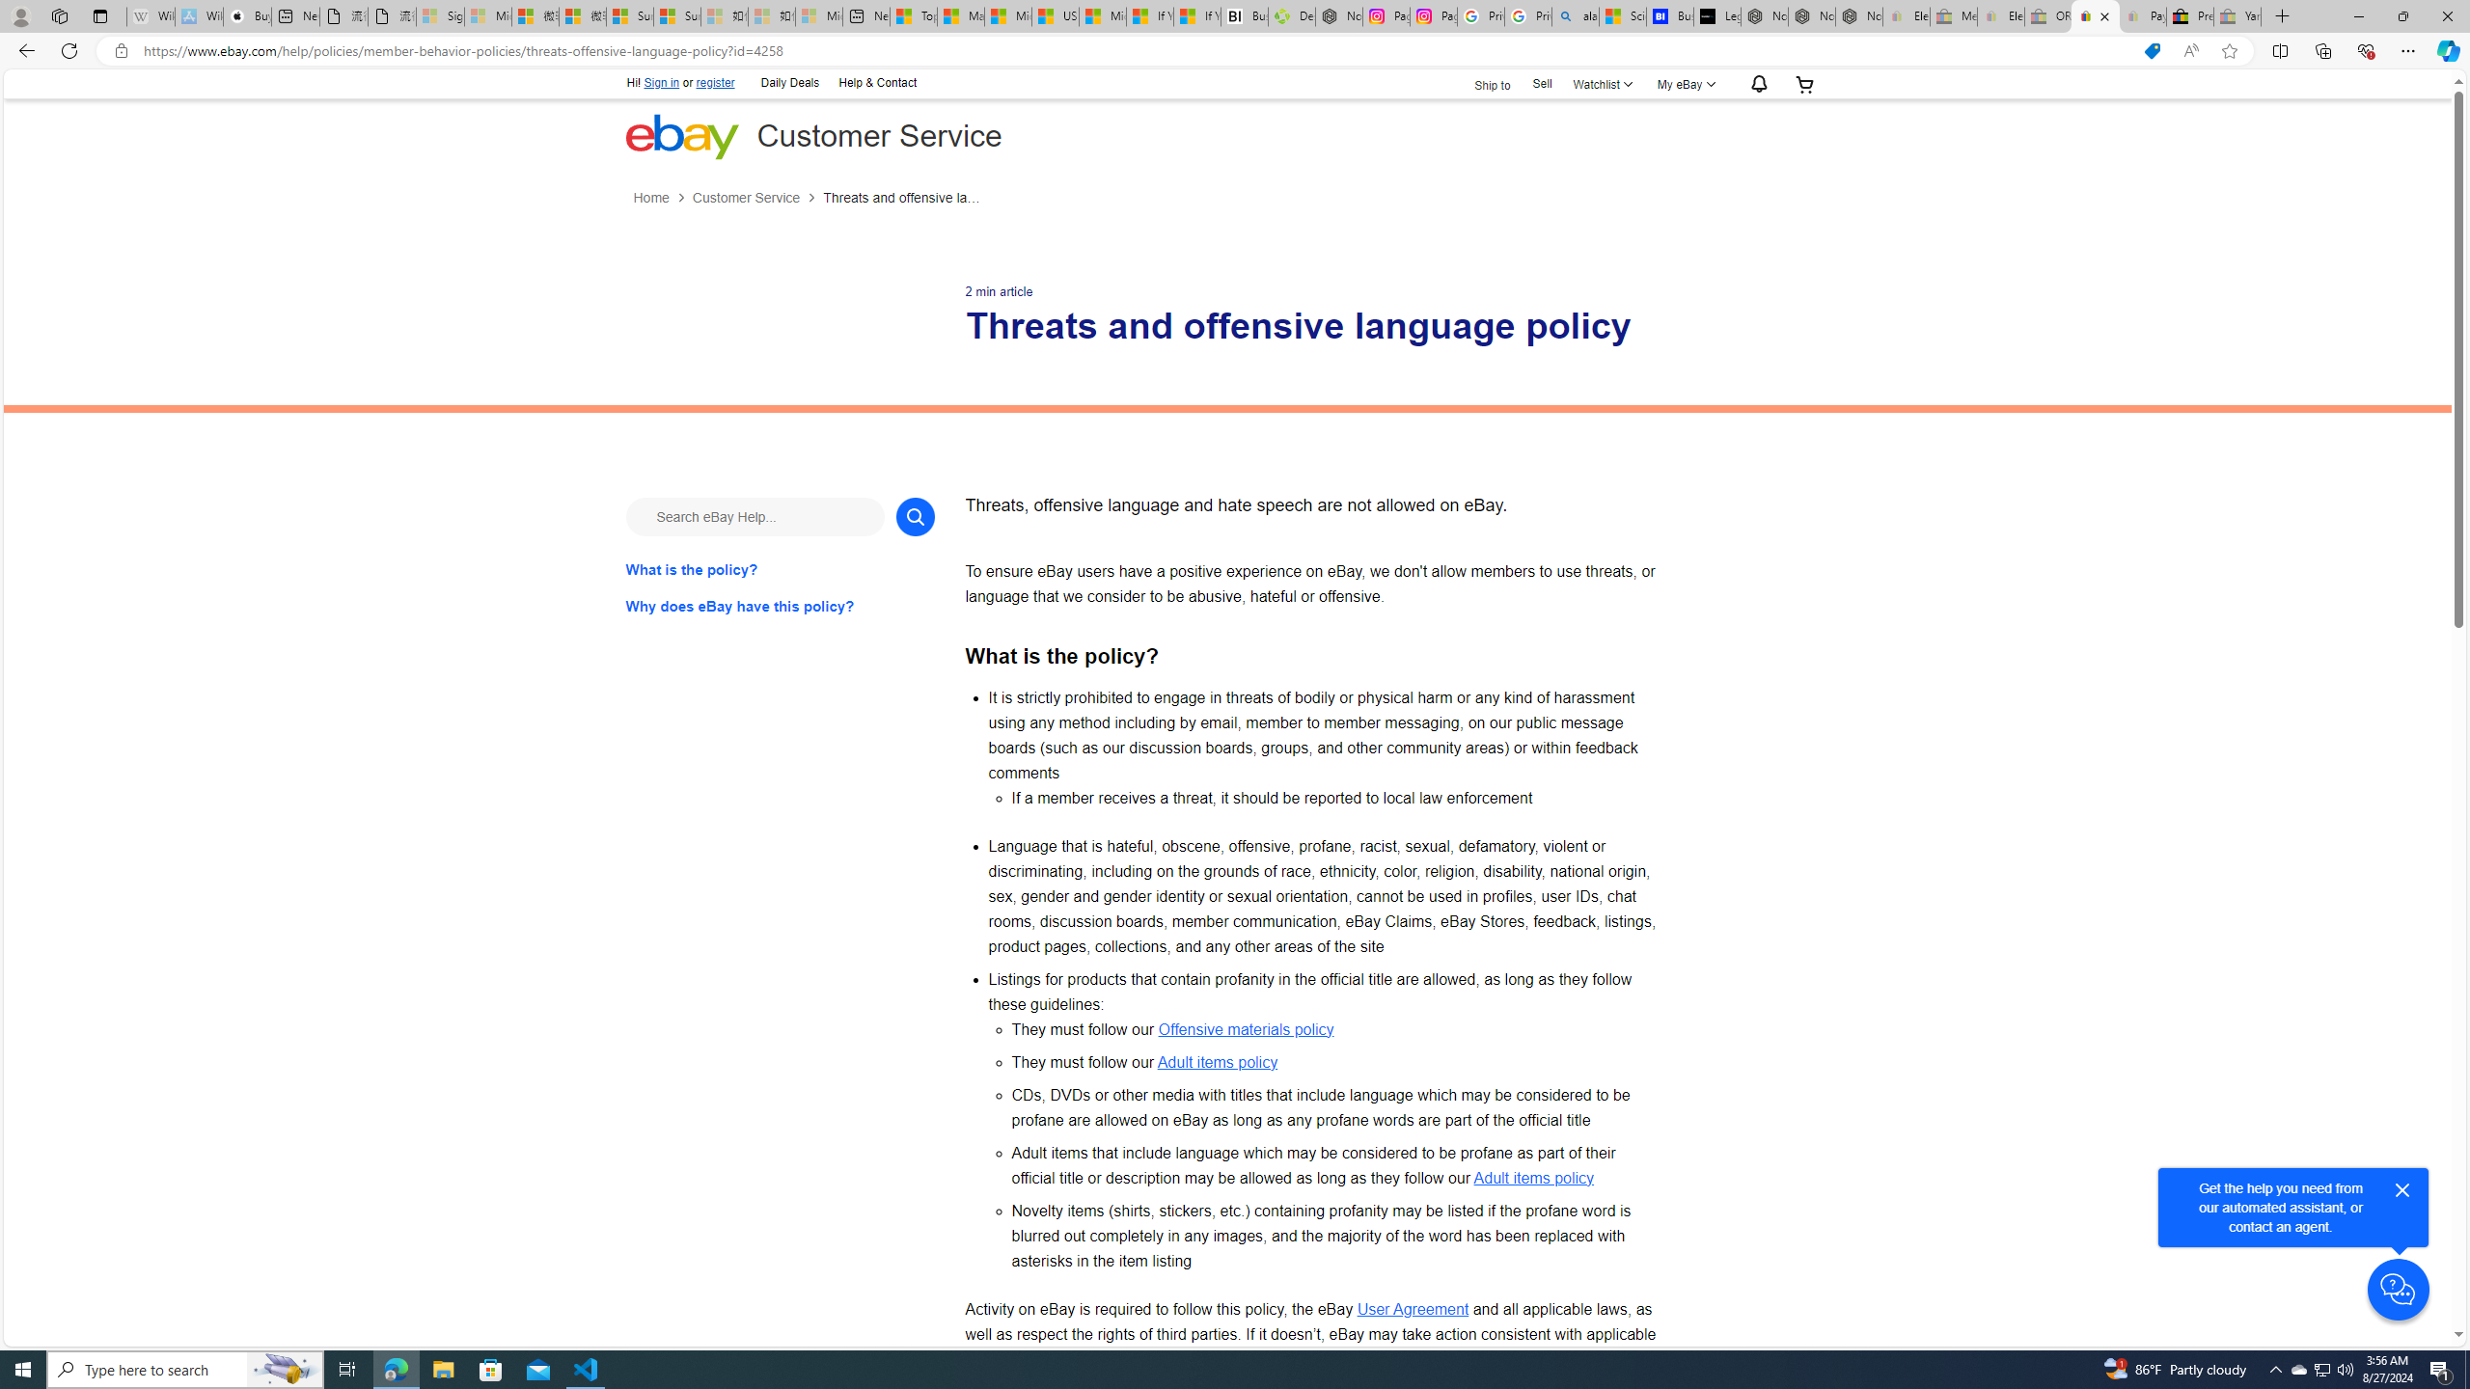 Image resolution: width=2470 pixels, height=1389 pixels. Describe the element at coordinates (98, 15) in the screenshot. I see `'Tab actions menu'` at that location.